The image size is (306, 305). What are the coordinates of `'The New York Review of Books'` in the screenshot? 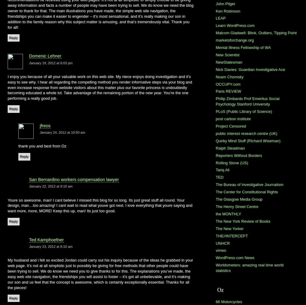 It's located at (243, 221).